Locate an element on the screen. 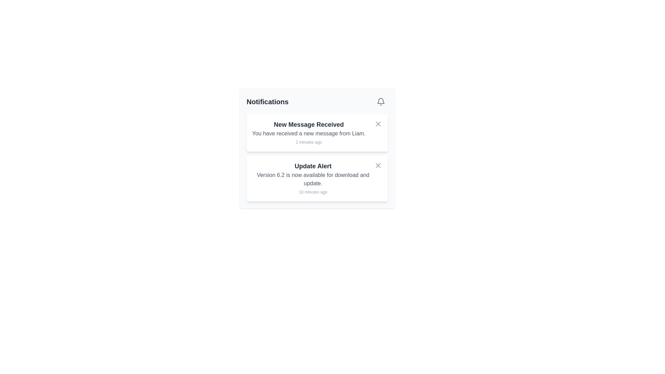  the small outlined 'X' icon button in the top-right corner of the 'New Message Received' notification card is located at coordinates (378, 124).